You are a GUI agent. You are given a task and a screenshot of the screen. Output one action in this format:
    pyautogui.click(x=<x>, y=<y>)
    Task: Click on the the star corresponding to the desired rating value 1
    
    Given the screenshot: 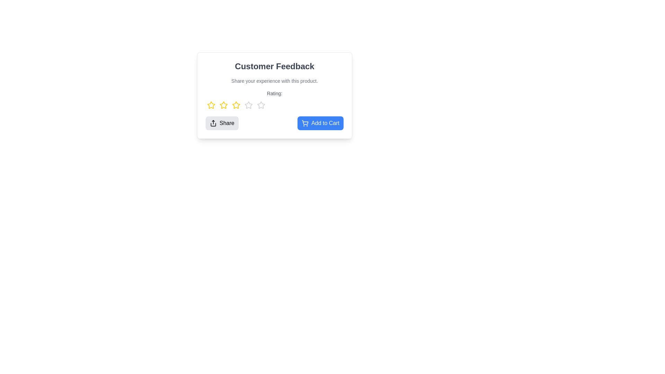 What is the action you would take?
    pyautogui.click(x=211, y=105)
    